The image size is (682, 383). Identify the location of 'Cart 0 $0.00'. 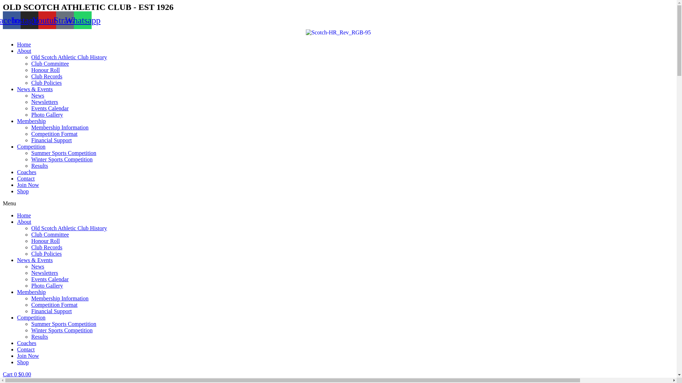
(17, 374).